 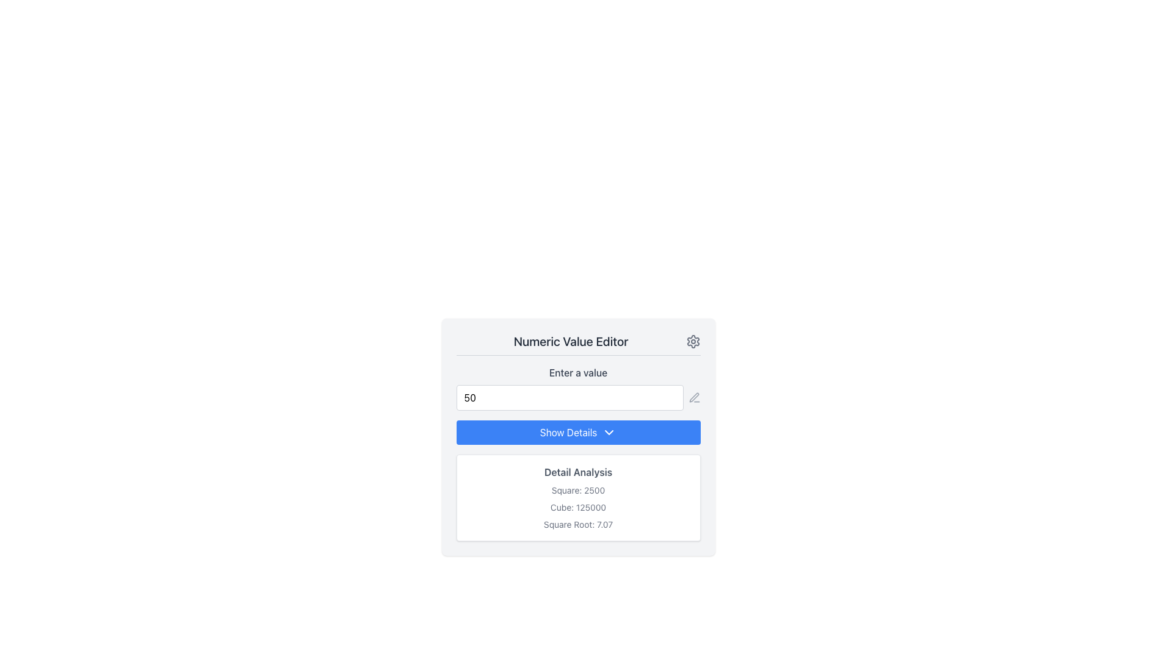 What do you see at coordinates (577, 432) in the screenshot?
I see `the button located below the numeric input field with the value '50'` at bounding box center [577, 432].